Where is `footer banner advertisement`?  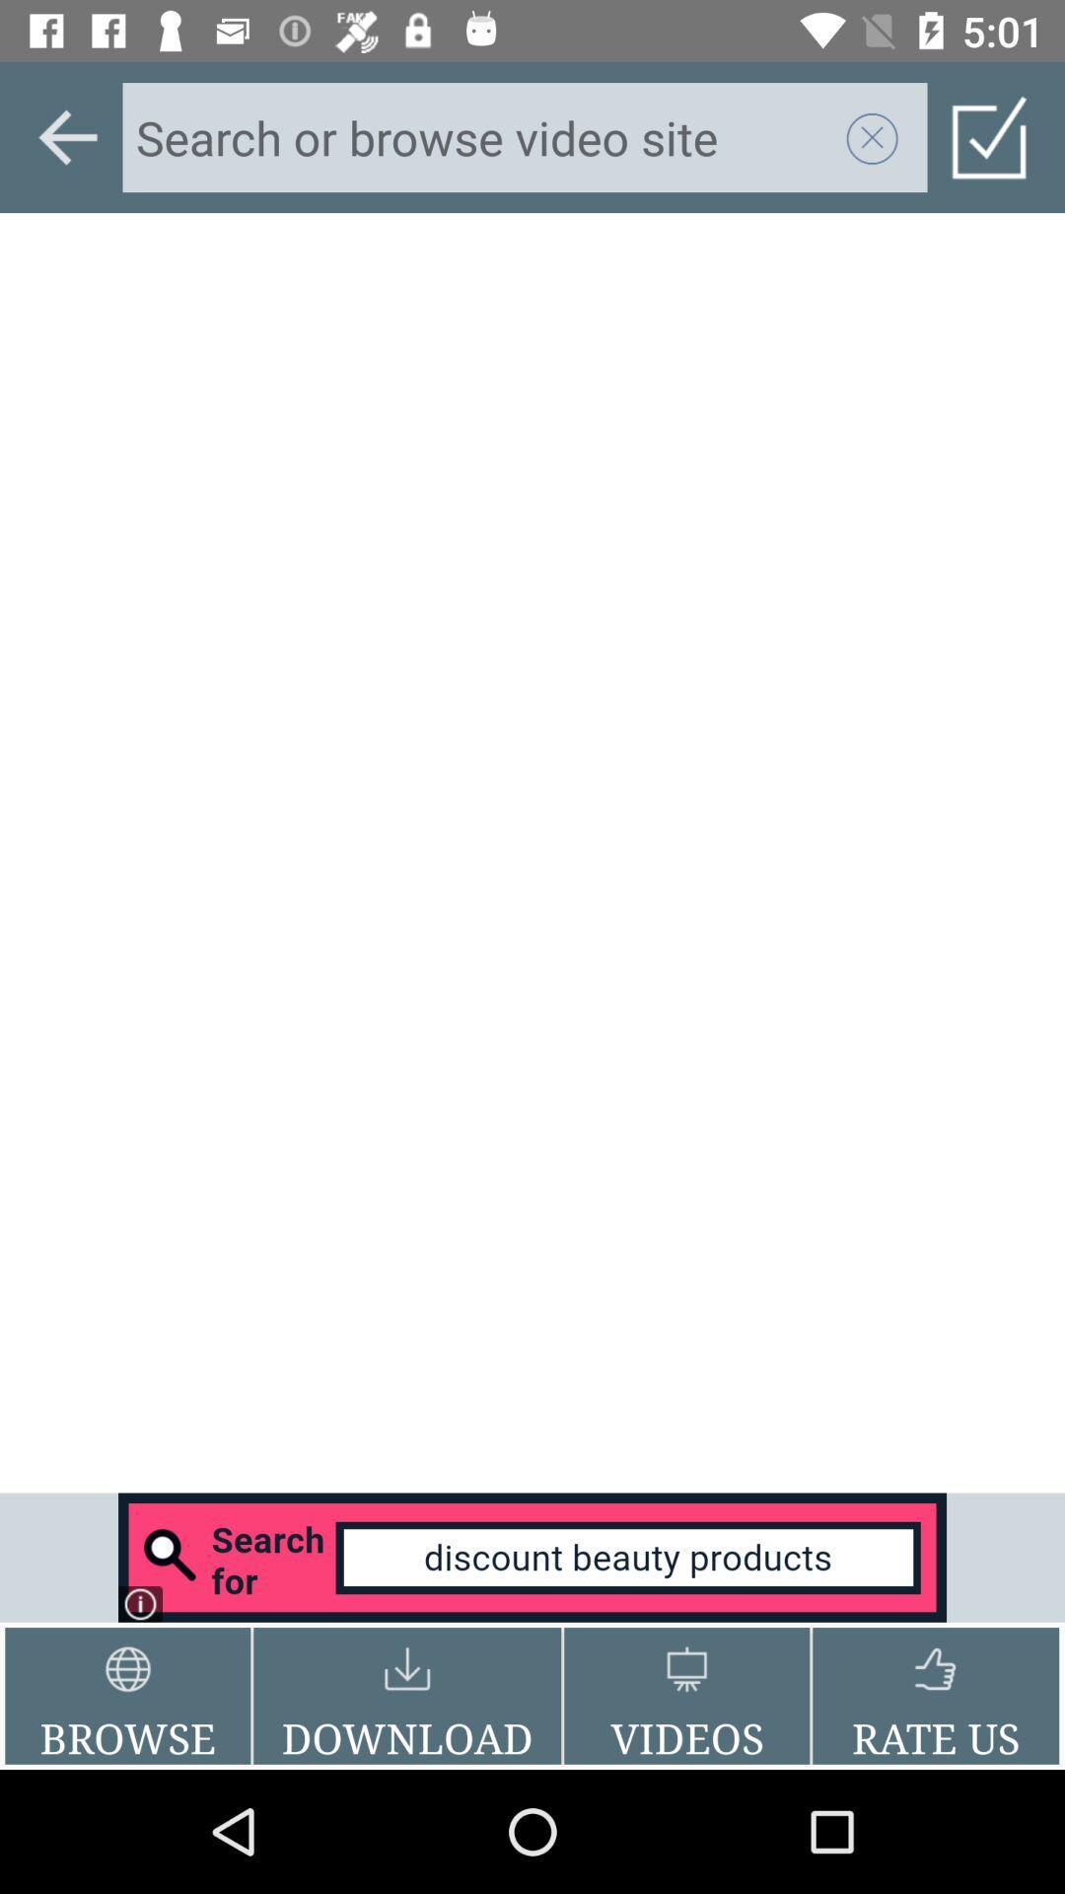
footer banner advertisement is located at coordinates (532, 1557).